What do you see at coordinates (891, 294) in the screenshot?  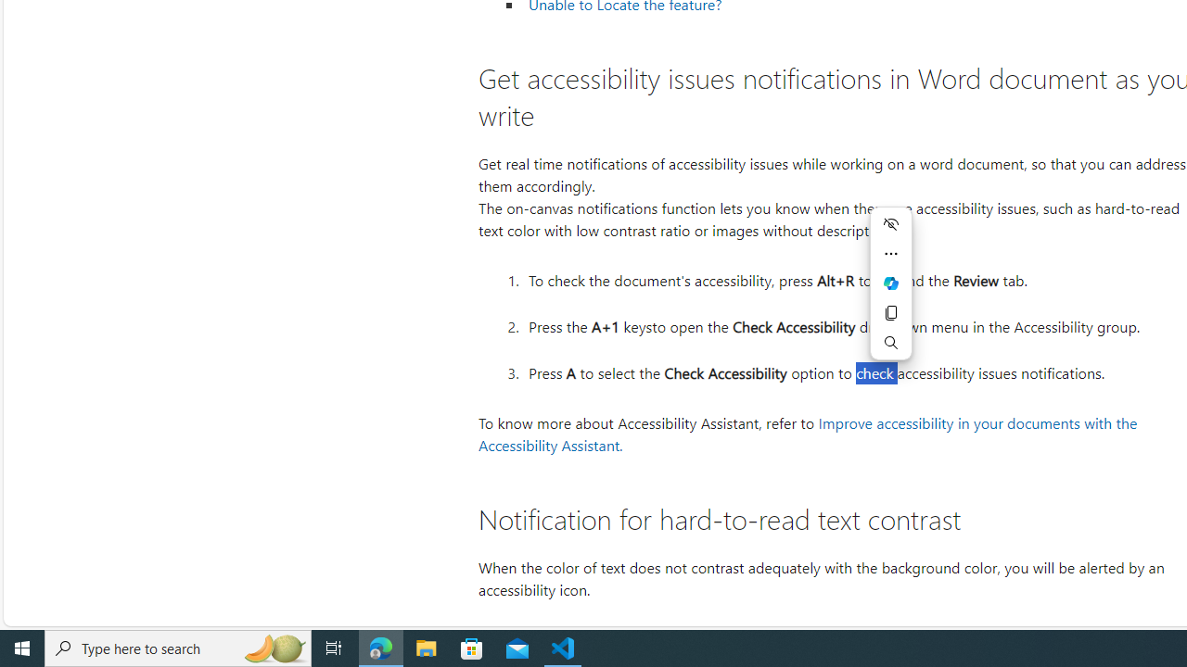 I see `'Mini menu on text selection'` at bounding box center [891, 294].